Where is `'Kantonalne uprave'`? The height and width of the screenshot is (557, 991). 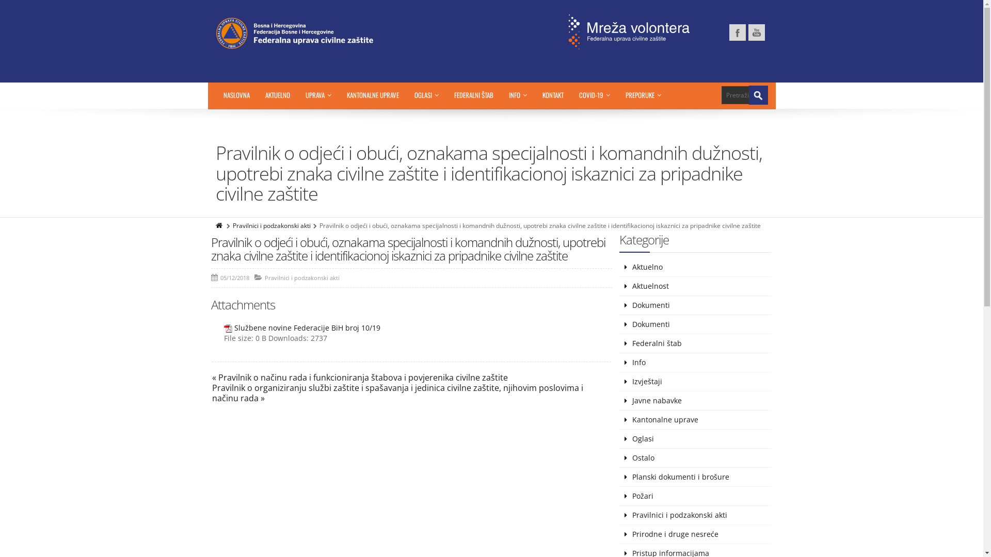
'Kantonalne uprave' is located at coordinates (695, 420).